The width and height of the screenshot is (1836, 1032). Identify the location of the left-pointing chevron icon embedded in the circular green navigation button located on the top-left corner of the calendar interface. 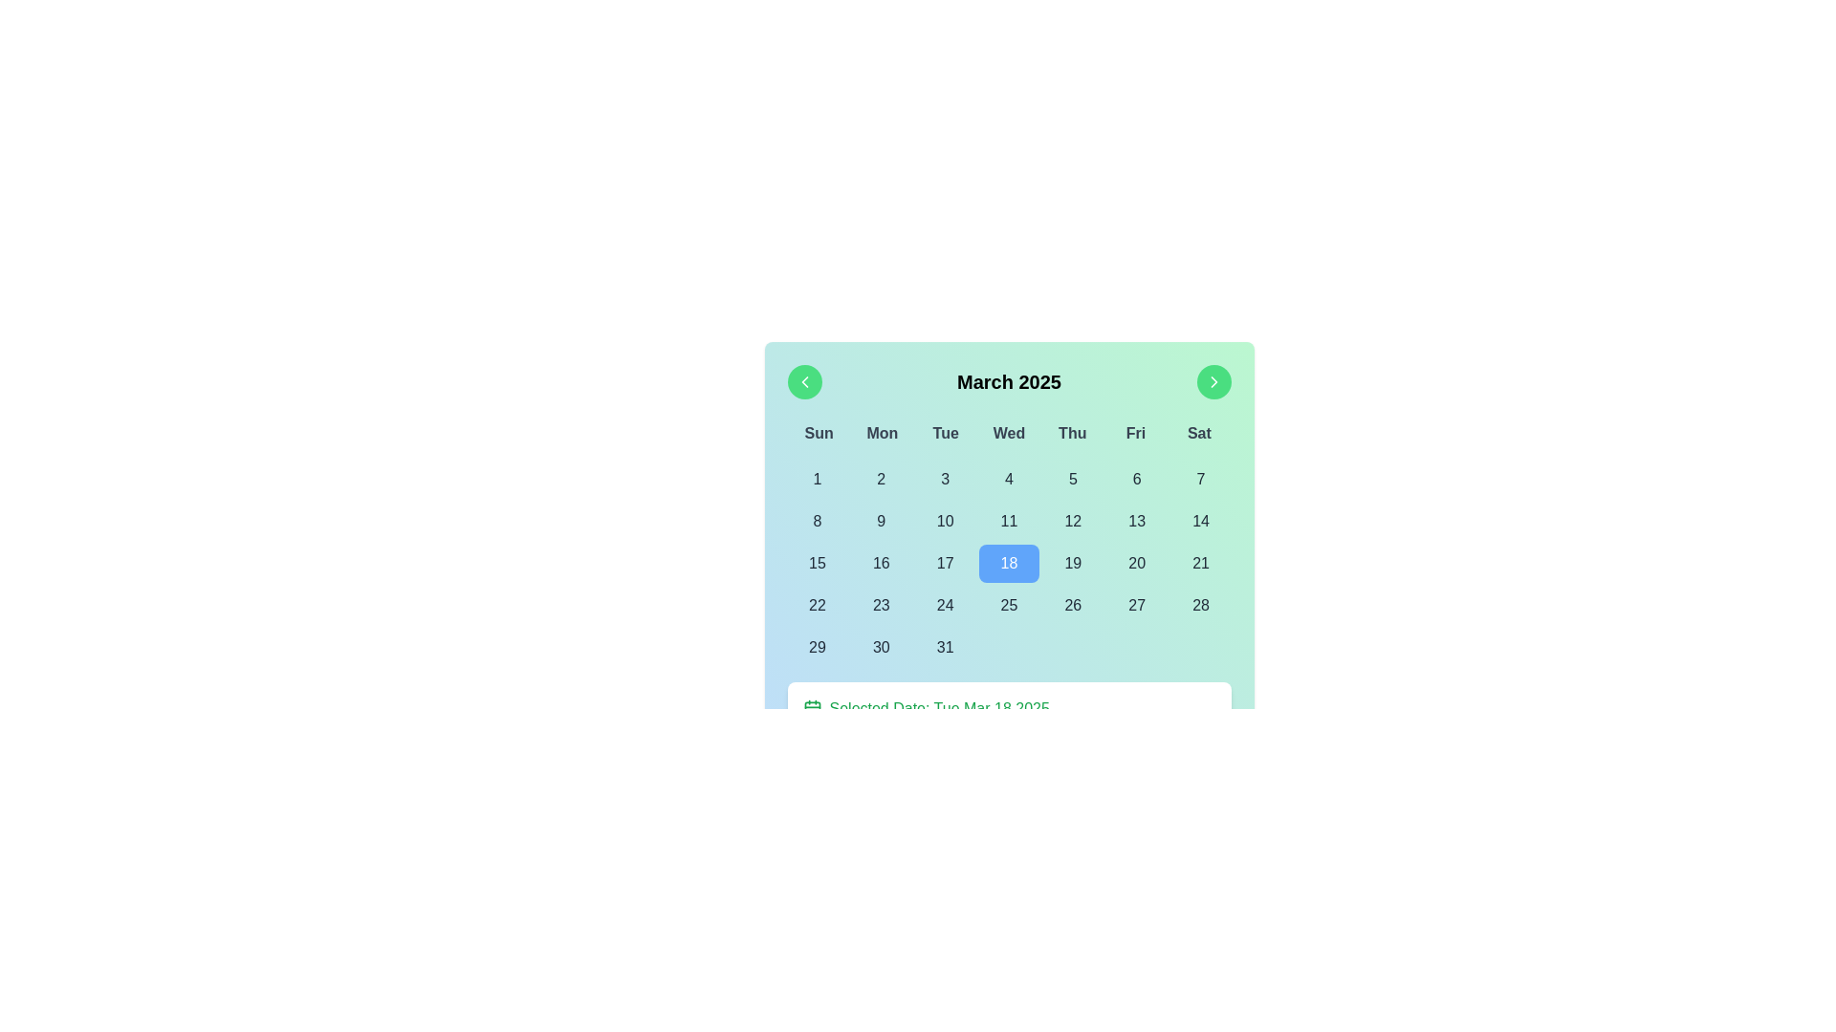
(804, 382).